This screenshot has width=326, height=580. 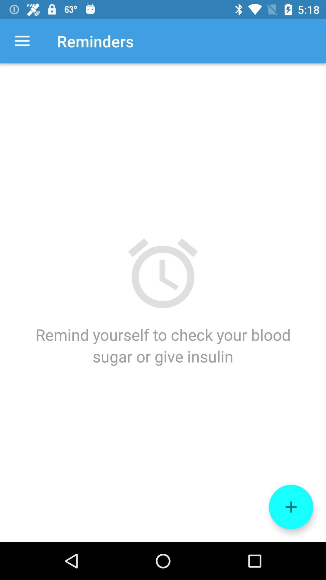 What do you see at coordinates (291, 507) in the screenshot?
I see `icon below remind yourself to icon` at bounding box center [291, 507].